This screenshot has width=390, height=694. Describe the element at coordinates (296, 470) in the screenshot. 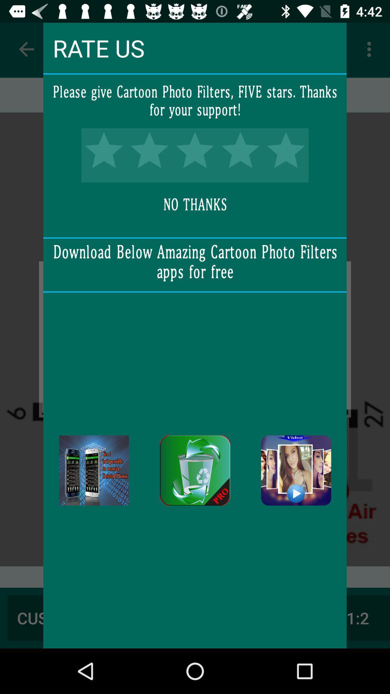

I see `download` at that location.